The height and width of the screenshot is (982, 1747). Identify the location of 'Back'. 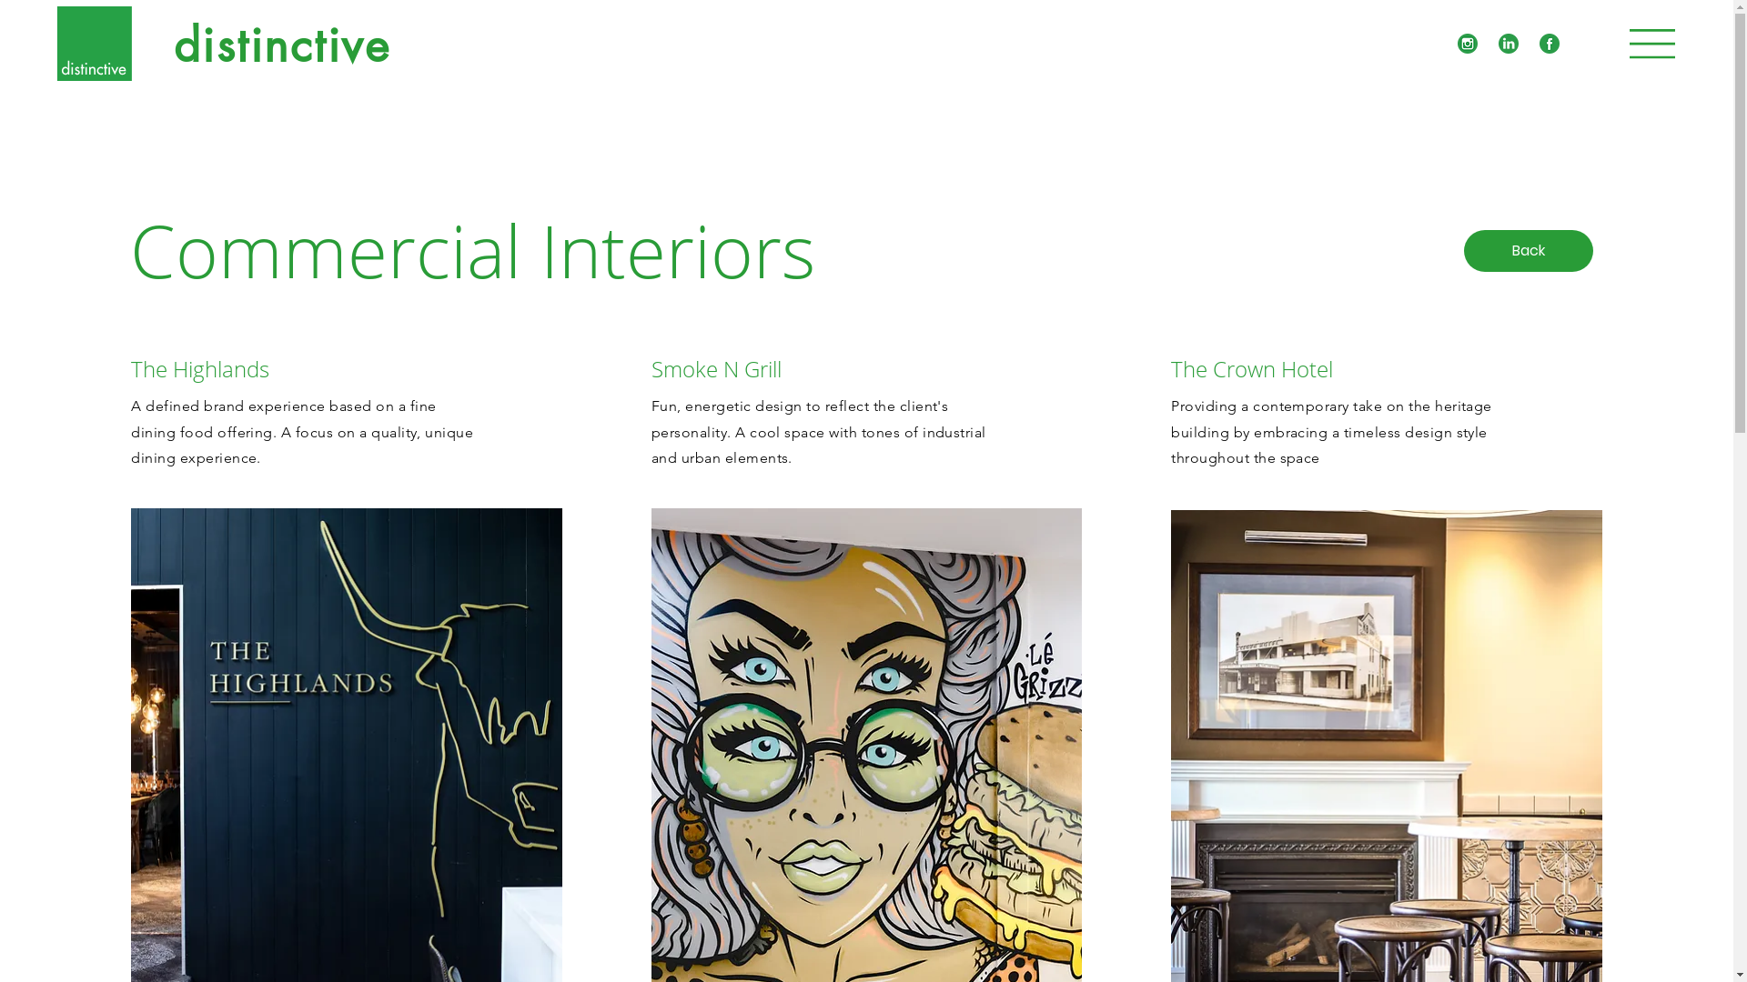
(1529, 251).